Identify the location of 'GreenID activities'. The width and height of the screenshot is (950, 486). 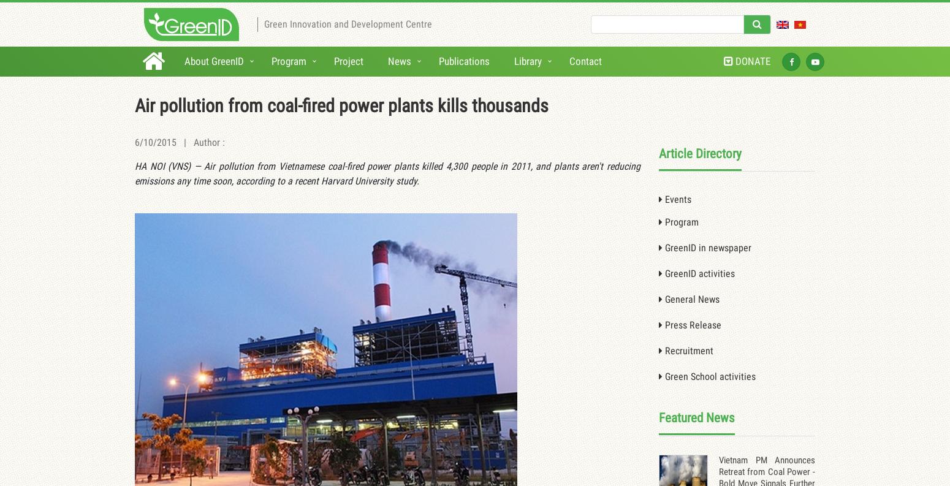
(698, 273).